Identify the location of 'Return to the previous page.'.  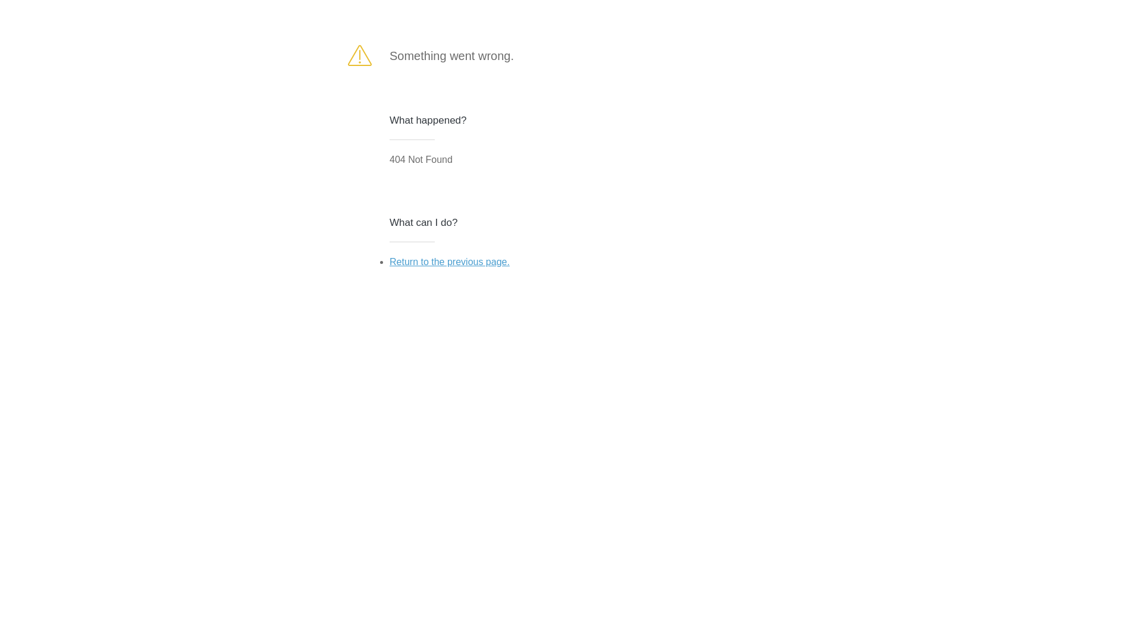
(389, 261).